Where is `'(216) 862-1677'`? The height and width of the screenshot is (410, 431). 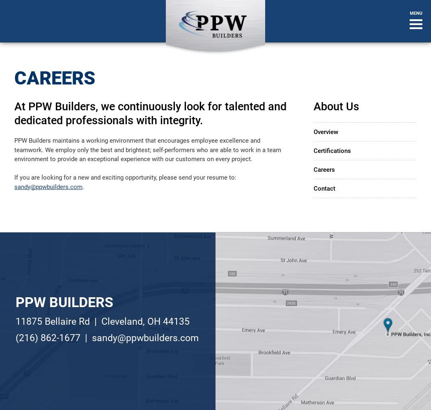 '(216) 862-1677' is located at coordinates (48, 337).